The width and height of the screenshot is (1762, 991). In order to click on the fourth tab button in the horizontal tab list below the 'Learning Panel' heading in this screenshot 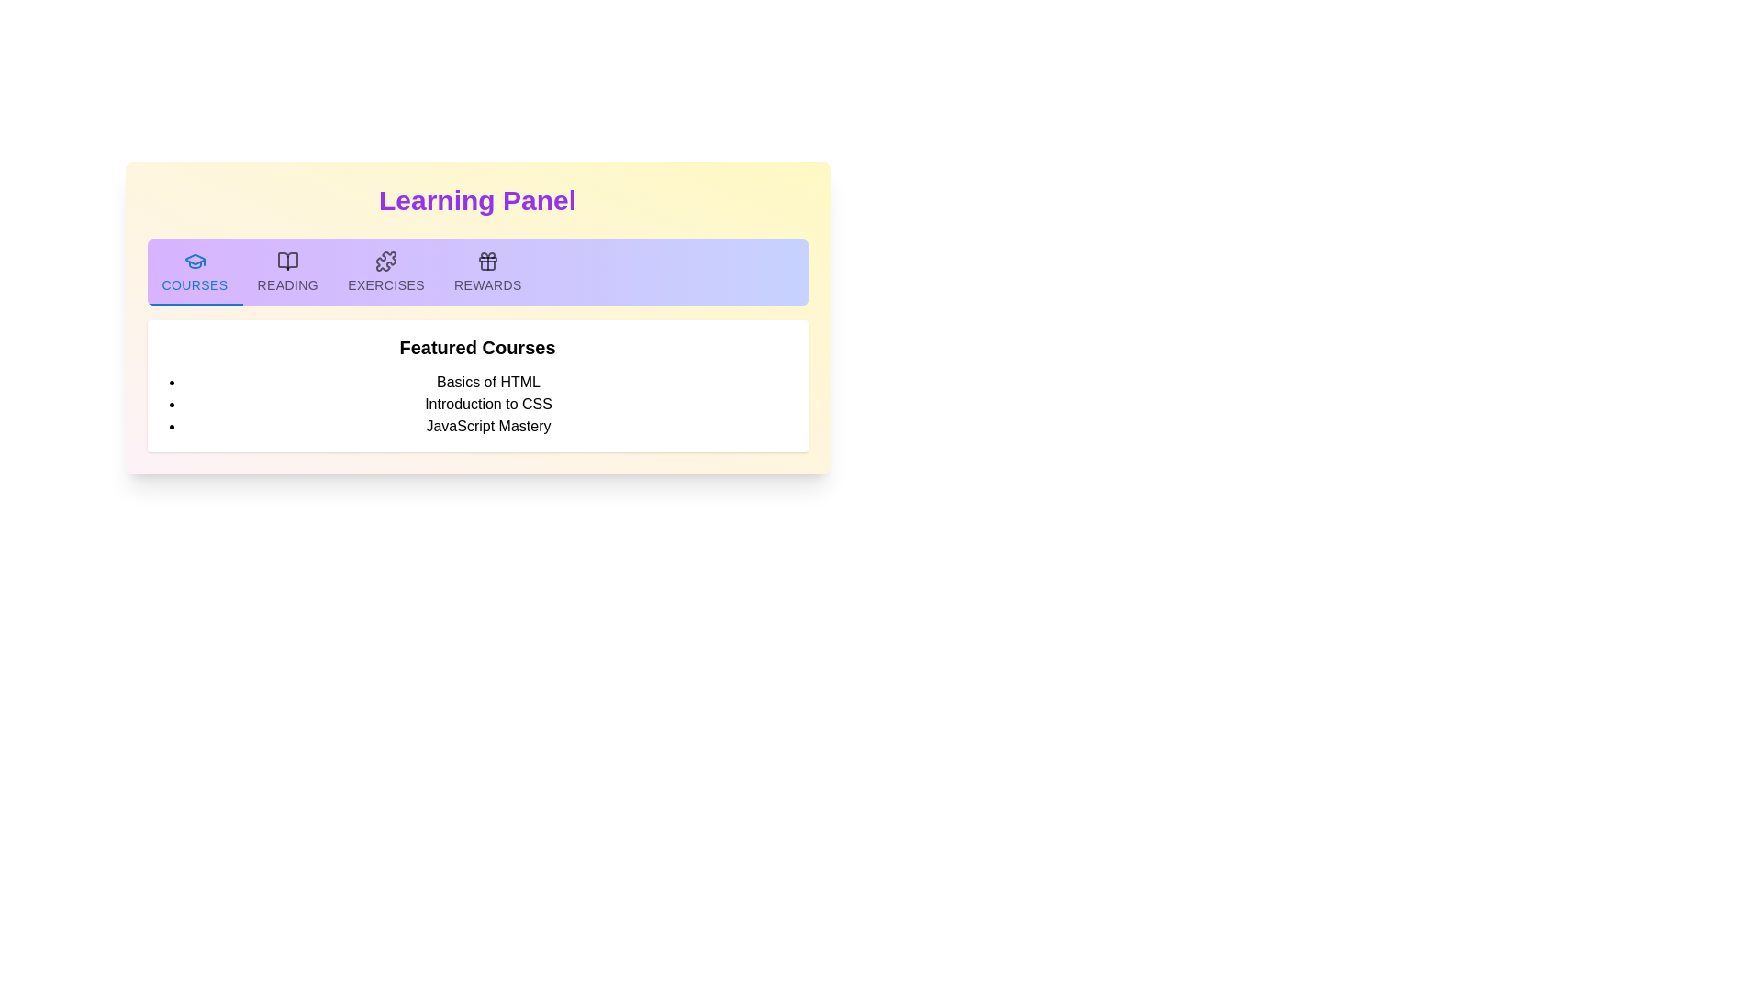, I will do `click(487, 273)`.